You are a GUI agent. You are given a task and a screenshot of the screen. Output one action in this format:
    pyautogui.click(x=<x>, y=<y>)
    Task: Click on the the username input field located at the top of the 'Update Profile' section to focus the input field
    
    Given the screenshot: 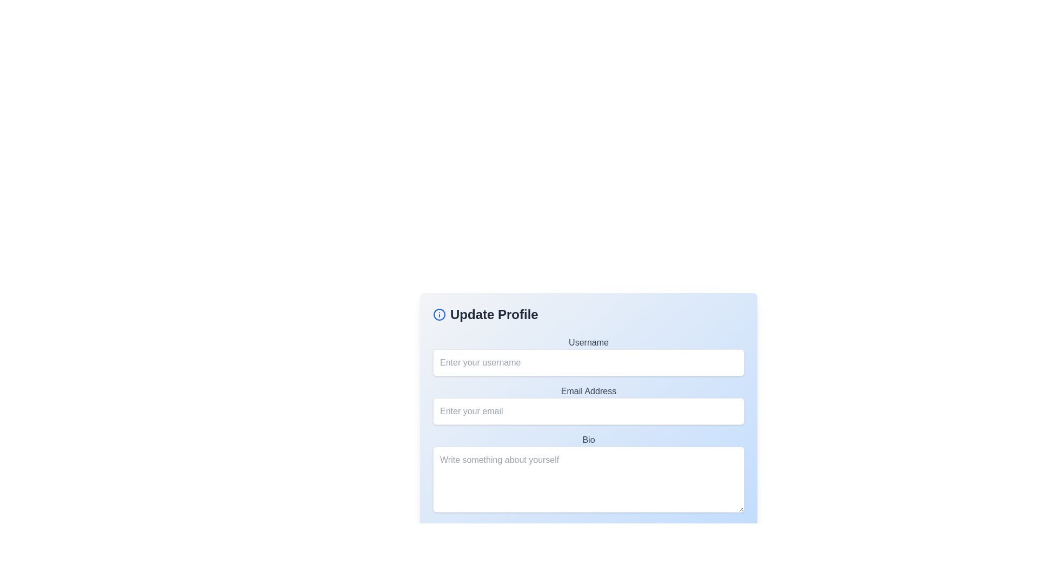 What is the action you would take?
    pyautogui.click(x=588, y=356)
    